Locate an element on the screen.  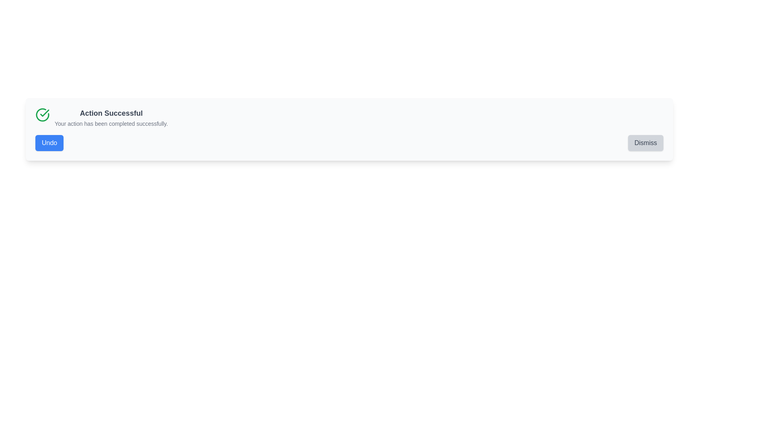
the 'Undo' button, a rectangular blue button with white text is located at coordinates (49, 142).